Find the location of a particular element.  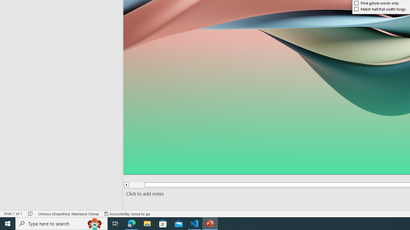

'Accessibility Checker Accessibility: Good to go' is located at coordinates (127, 214).